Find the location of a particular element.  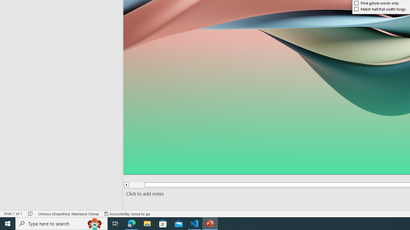

'Accessibility Checker Accessibility: Good to go' is located at coordinates (127, 214).